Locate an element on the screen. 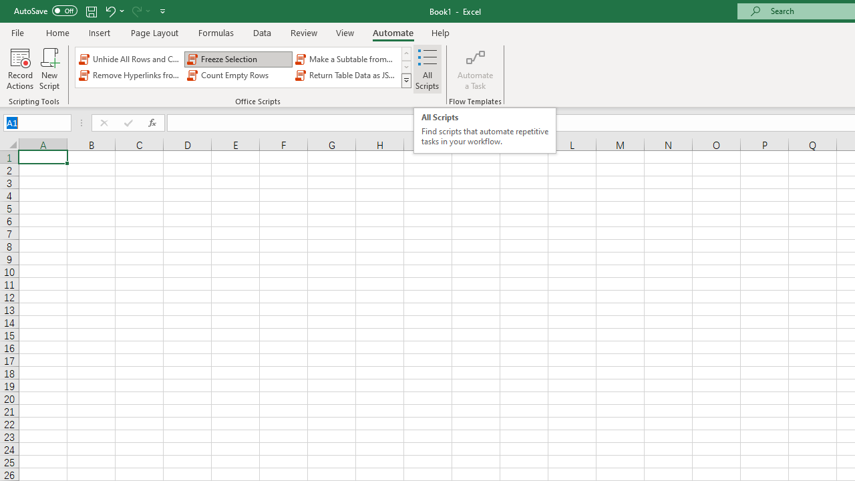 The width and height of the screenshot is (855, 481). 'Count Empty Rows' is located at coordinates (238, 75).